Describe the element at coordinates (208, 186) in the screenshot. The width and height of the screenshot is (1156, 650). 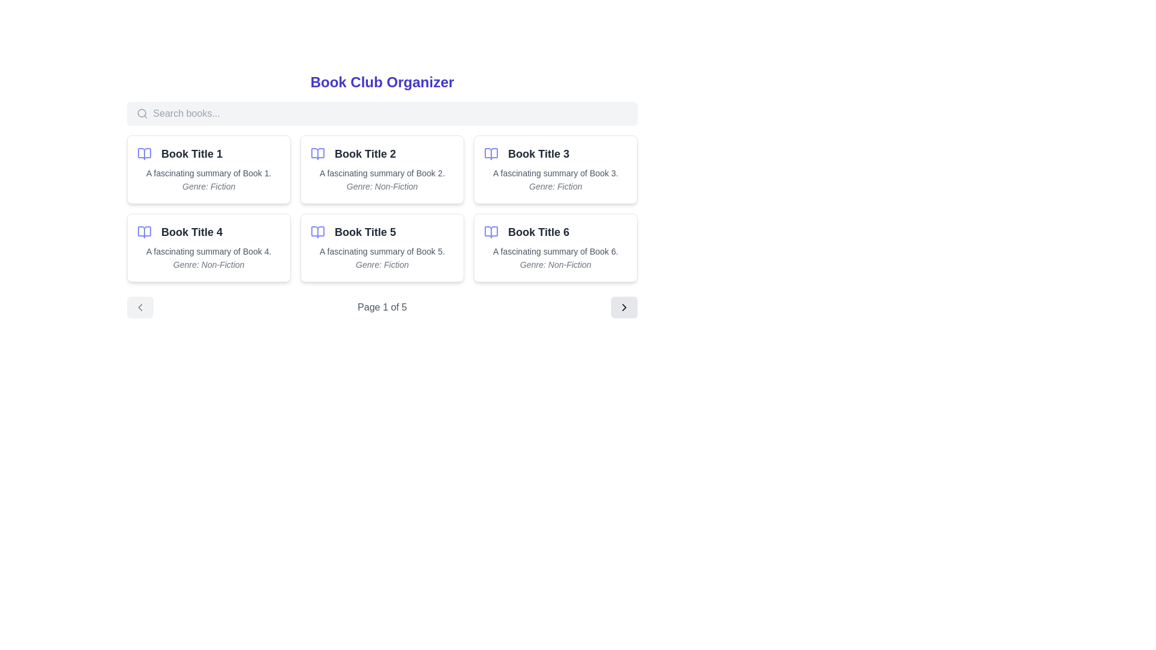
I see `the Text label indicating the genre 'Fiction' located at the bottom of the card for 'Book Title 1'` at that location.